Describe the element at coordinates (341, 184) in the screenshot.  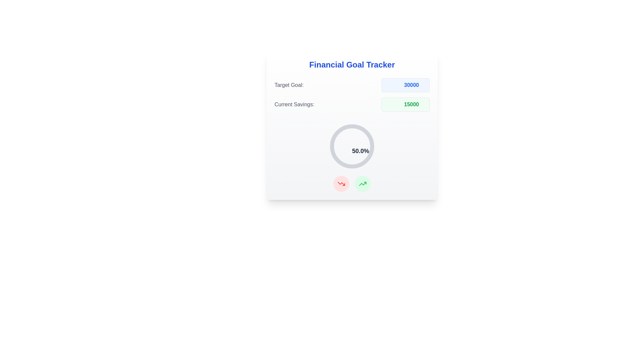
I see `the Icon Button indicating a downward trend, located at the bottom-left corner of the card-like structure` at that location.